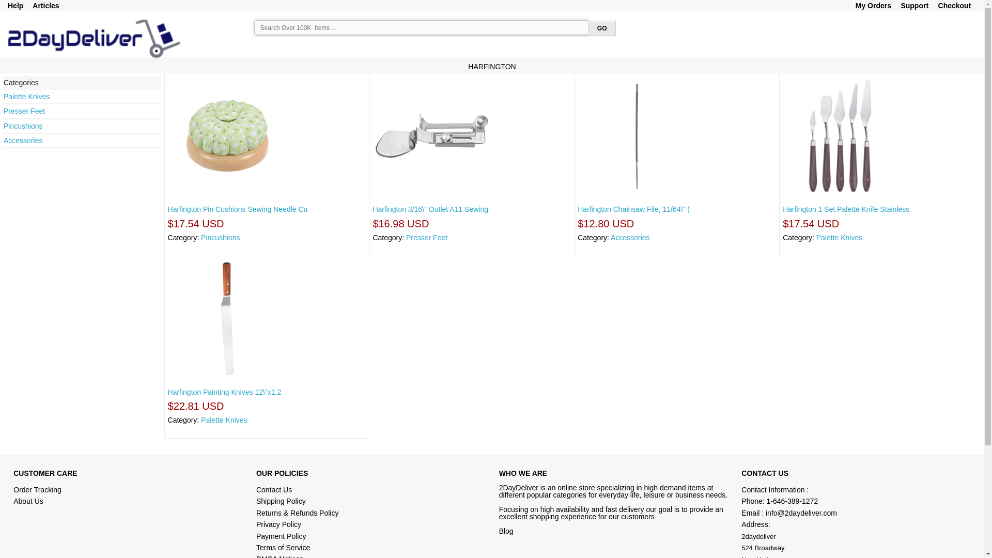 This screenshot has width=992, height=558. I want to click on 'info@2daydeliver.com', so click(800, 513).